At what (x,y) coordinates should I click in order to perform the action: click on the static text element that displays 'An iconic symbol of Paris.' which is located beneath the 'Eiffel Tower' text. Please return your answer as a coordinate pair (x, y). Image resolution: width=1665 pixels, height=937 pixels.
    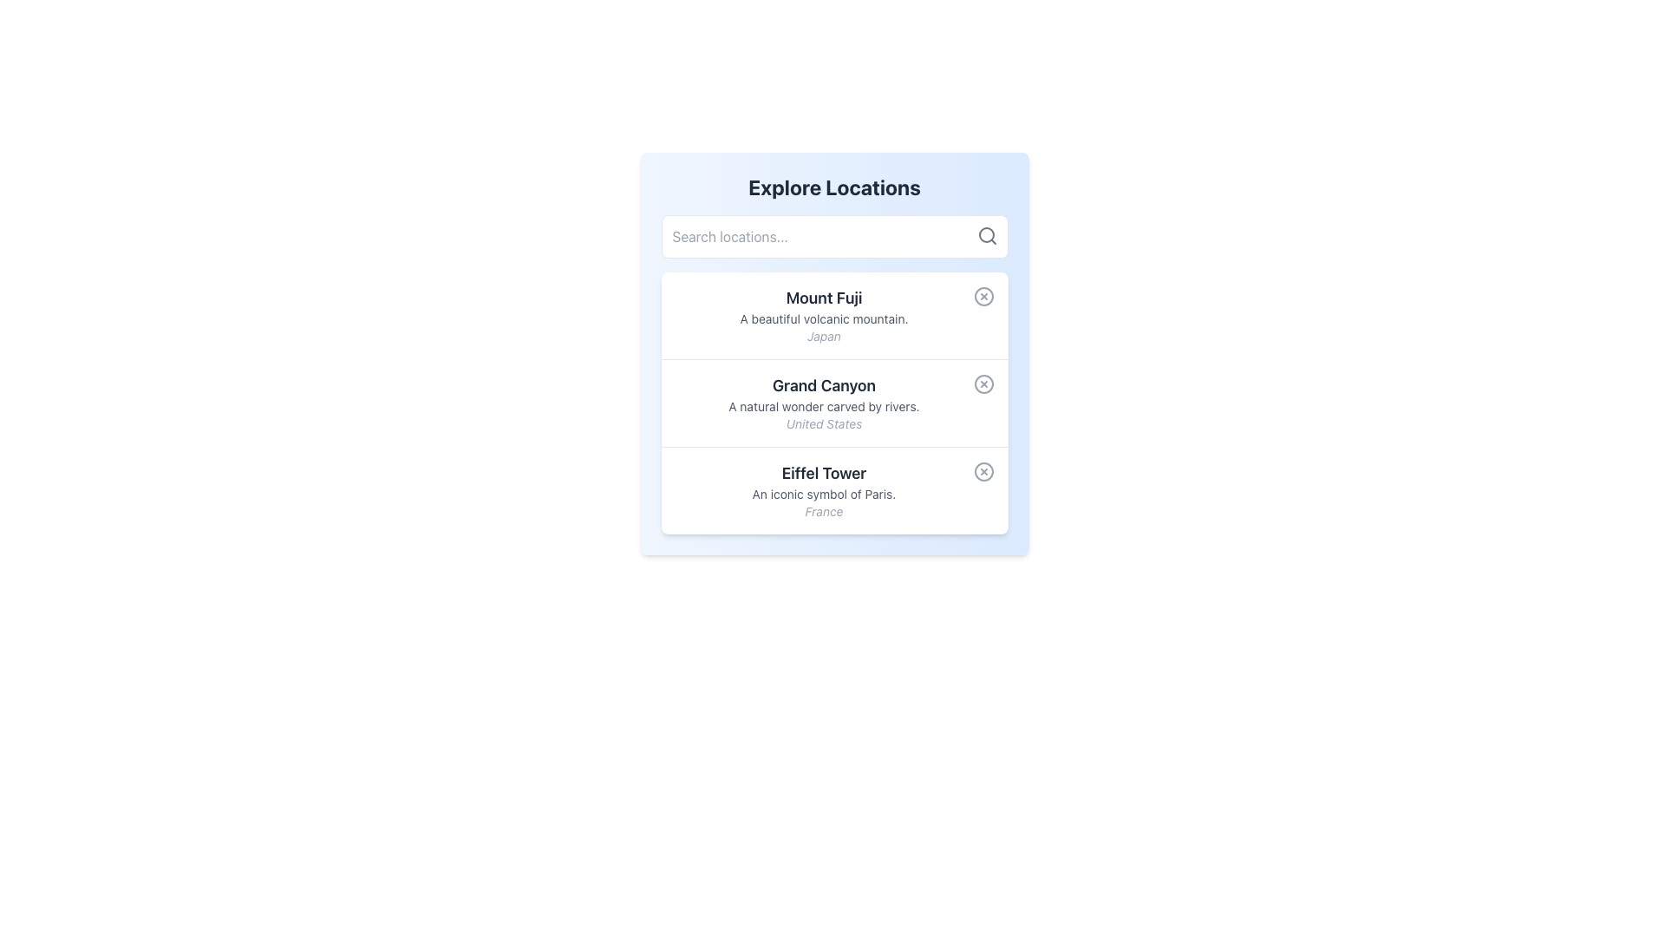
    Looking at the image, I should click on (823, 495).